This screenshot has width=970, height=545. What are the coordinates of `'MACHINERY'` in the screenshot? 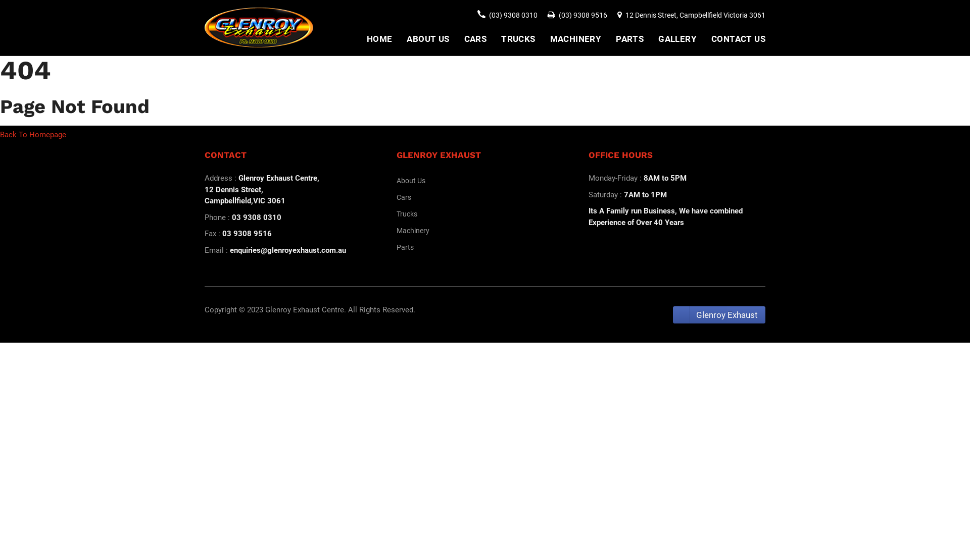 It's located at (576, 38).